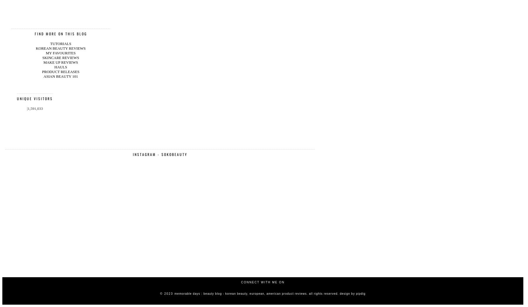 The height and width of the screenshot is (307, 528). I want to click on 'ASIAN BEAUTY 101', so click(60, 7).